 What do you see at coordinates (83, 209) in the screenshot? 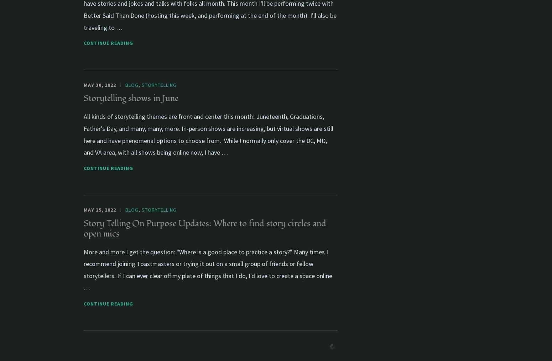
I see `'May 25, 2022'` at bounding box center [83, 209].